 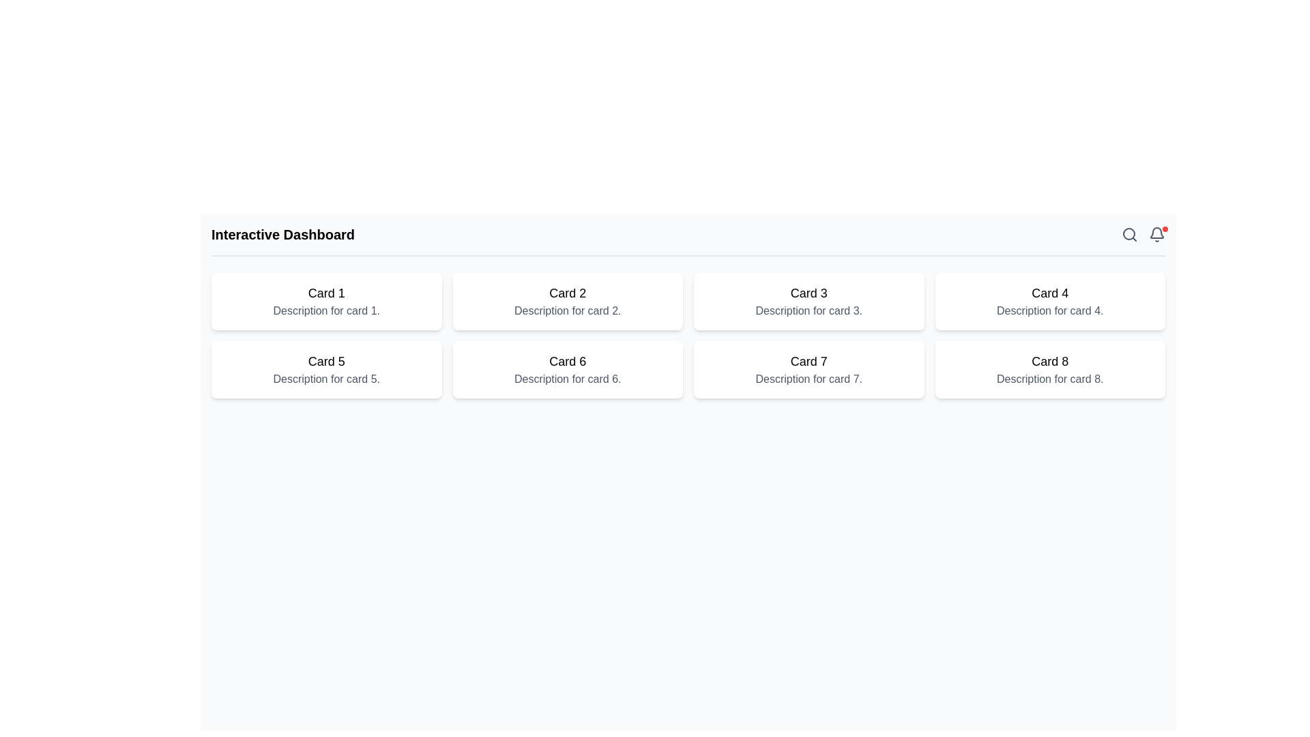 I want to click on the text label that serves as the title for 'Card 3', located in the second row and second column of the grid layout, so click(x=809, y=292).